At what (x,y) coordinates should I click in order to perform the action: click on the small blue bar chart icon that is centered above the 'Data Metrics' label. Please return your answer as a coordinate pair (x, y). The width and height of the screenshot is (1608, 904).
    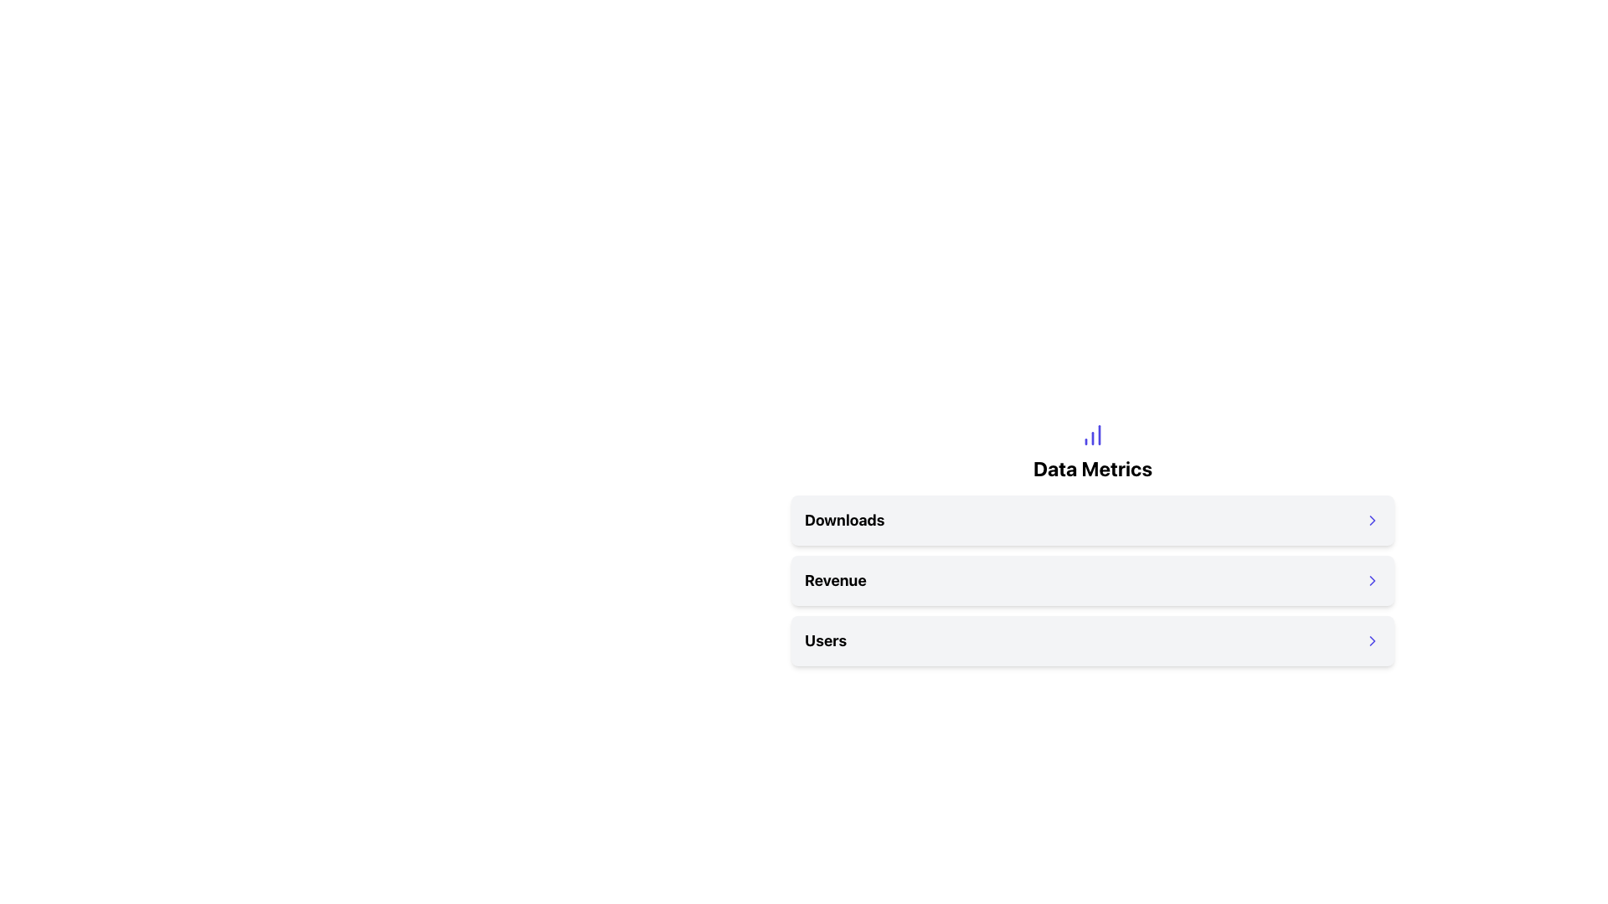
    Looking at the image, I should click on (1093, 434).